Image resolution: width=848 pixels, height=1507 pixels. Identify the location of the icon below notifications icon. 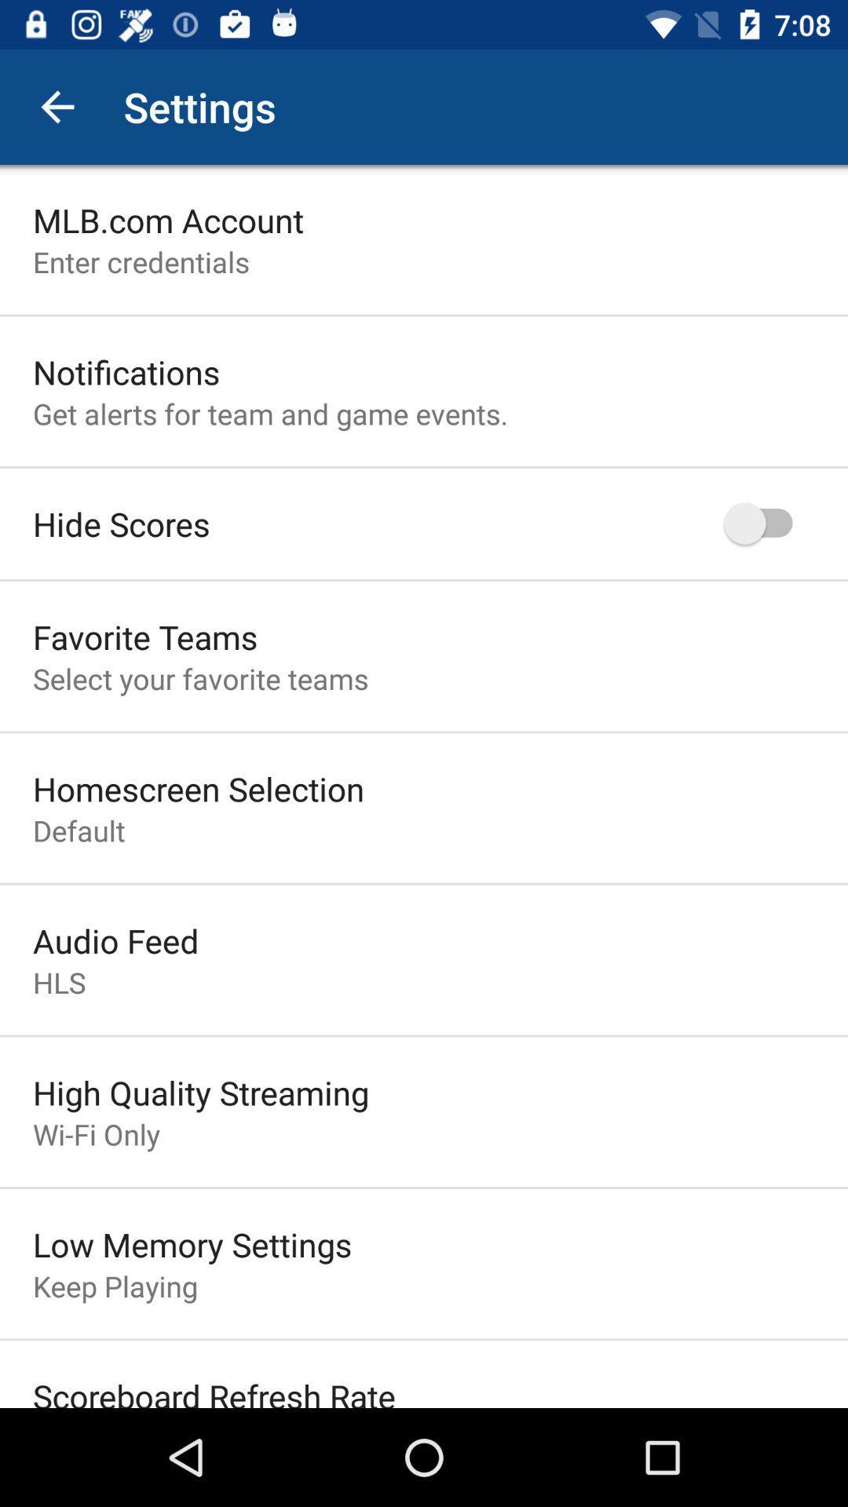
(269, 414).